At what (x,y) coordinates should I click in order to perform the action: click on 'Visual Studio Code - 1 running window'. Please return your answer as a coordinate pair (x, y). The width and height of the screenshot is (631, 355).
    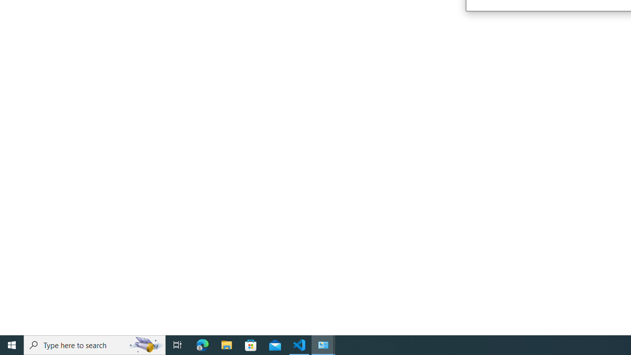
    Looking at the image, I should click on (299, 344).